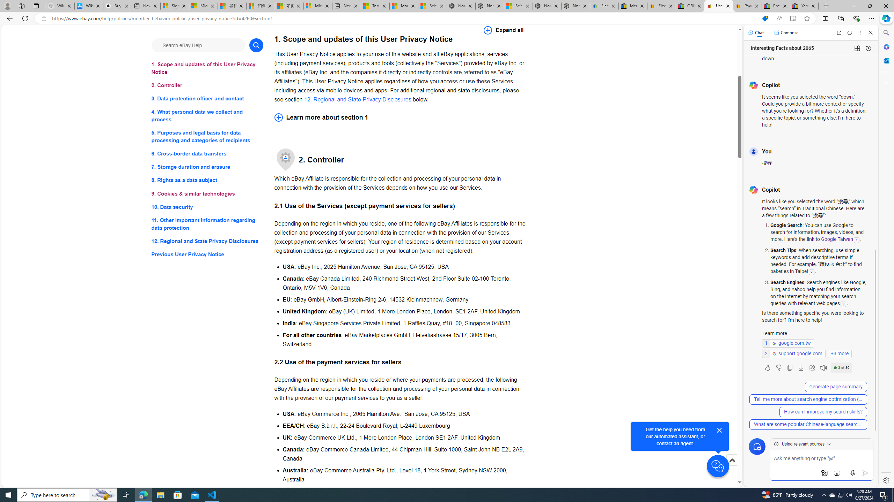 This screenshot has width=894, height=502. I want to click on '10. Data security', so click(207, 207).